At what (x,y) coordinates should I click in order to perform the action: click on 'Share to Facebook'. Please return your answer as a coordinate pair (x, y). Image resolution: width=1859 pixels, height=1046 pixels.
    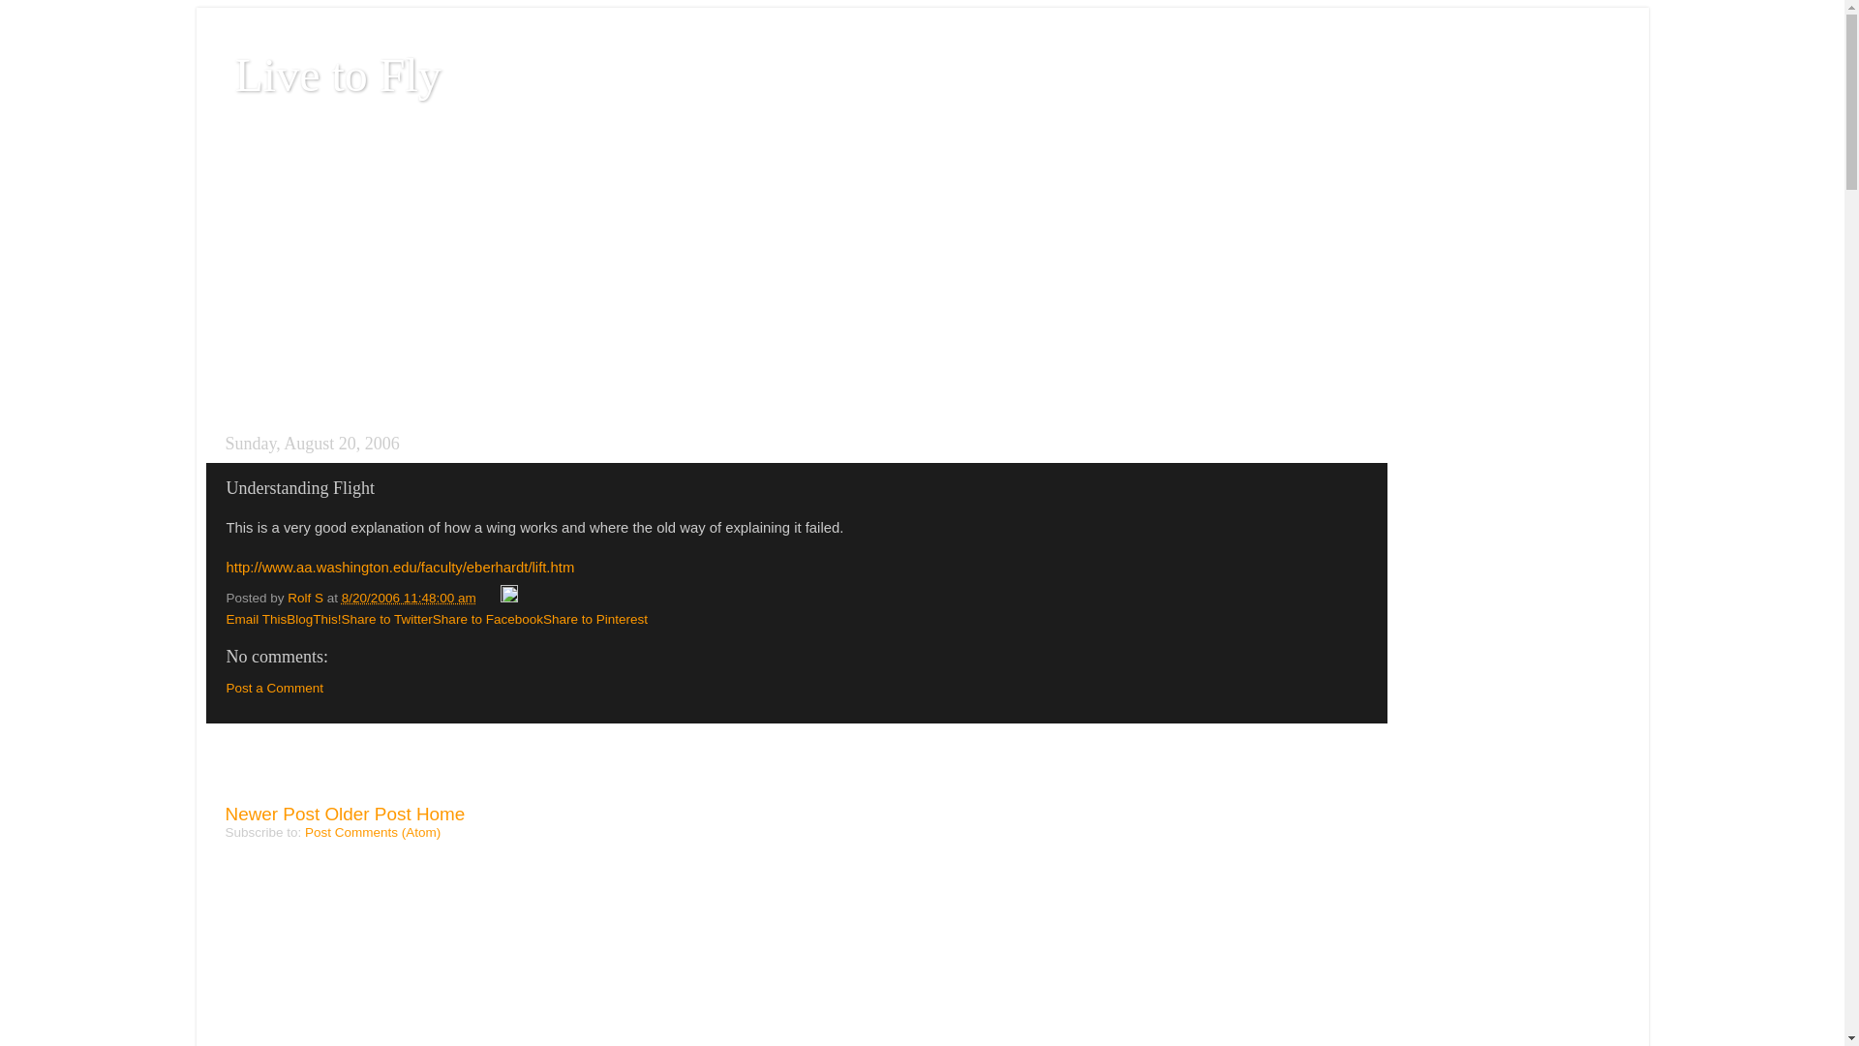
    Looking at the image, I should click on (488, 619).